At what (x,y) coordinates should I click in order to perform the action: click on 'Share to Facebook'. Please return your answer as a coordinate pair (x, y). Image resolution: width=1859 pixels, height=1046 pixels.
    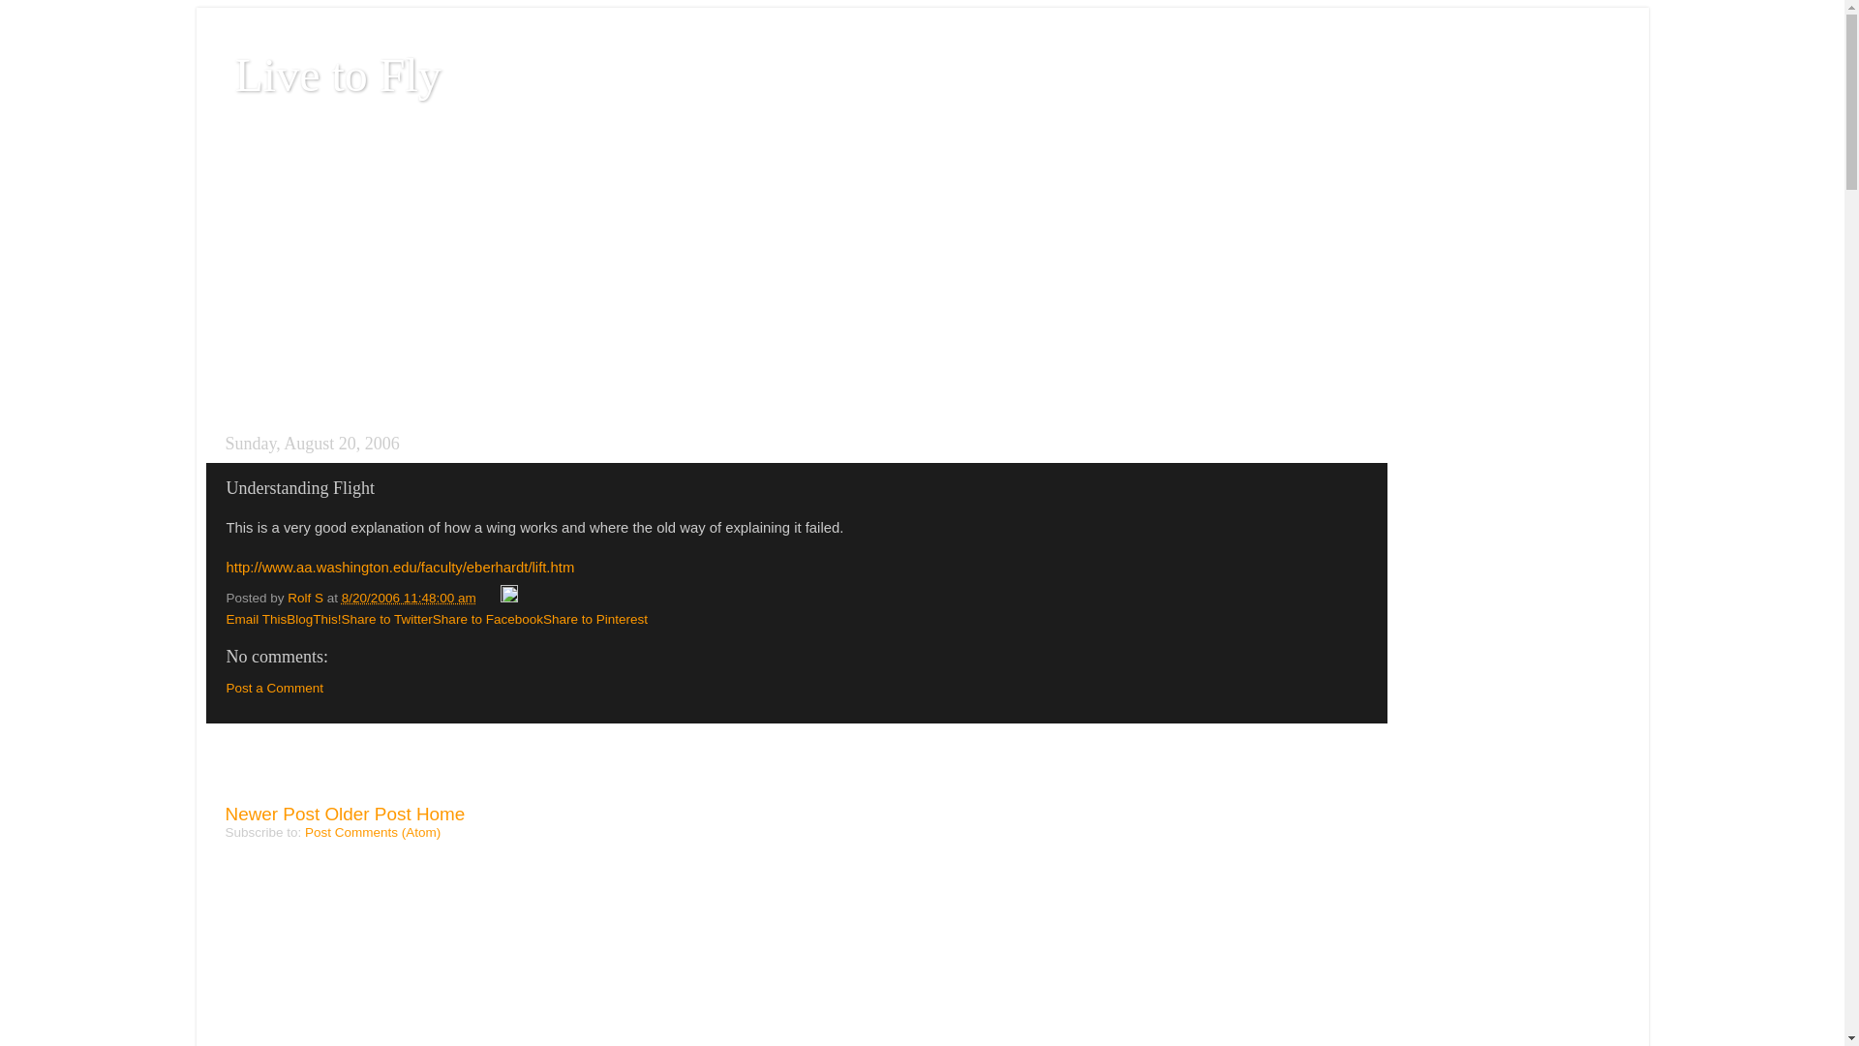
    Looking at the image, I should click on (488, 619).